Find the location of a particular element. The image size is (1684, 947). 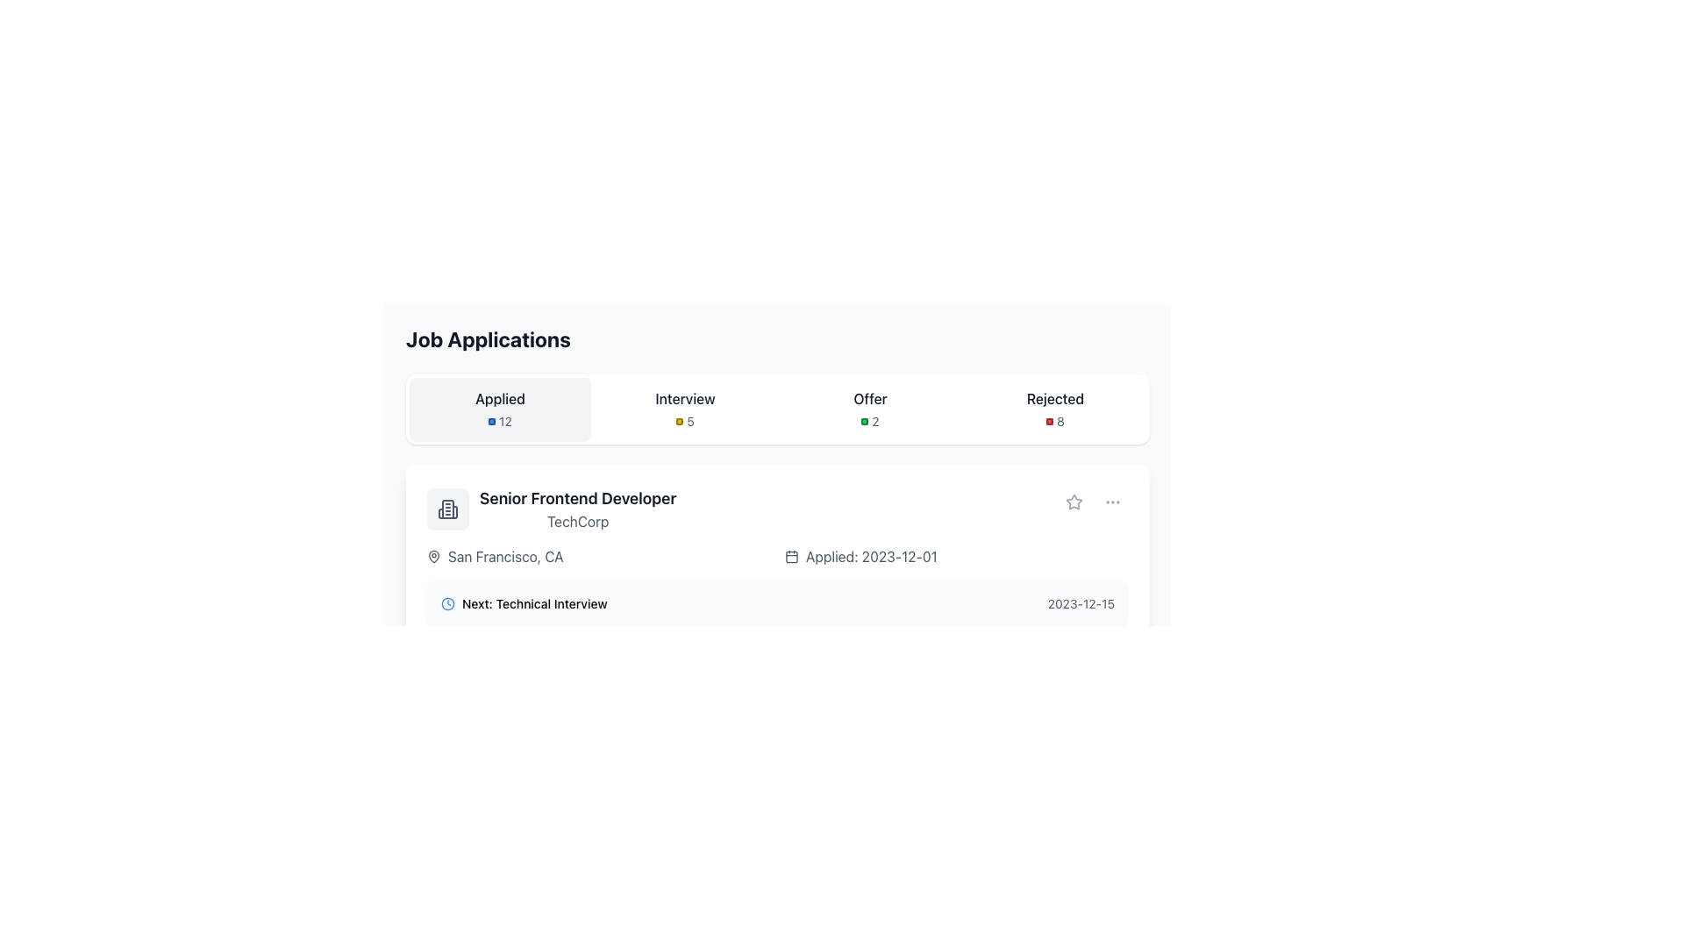

the star-shaped button with a hollow center to favorite the associated job application is located at coordinates (1073, 502).